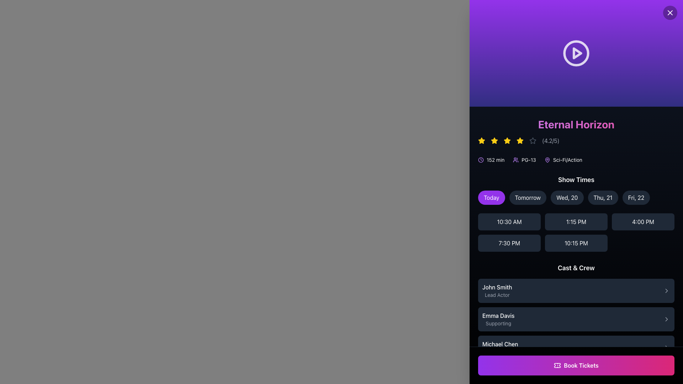  I want to click on the 'Book Tickets' text label within the button element that has a gradient background and rounded corners, so click(581, 366).